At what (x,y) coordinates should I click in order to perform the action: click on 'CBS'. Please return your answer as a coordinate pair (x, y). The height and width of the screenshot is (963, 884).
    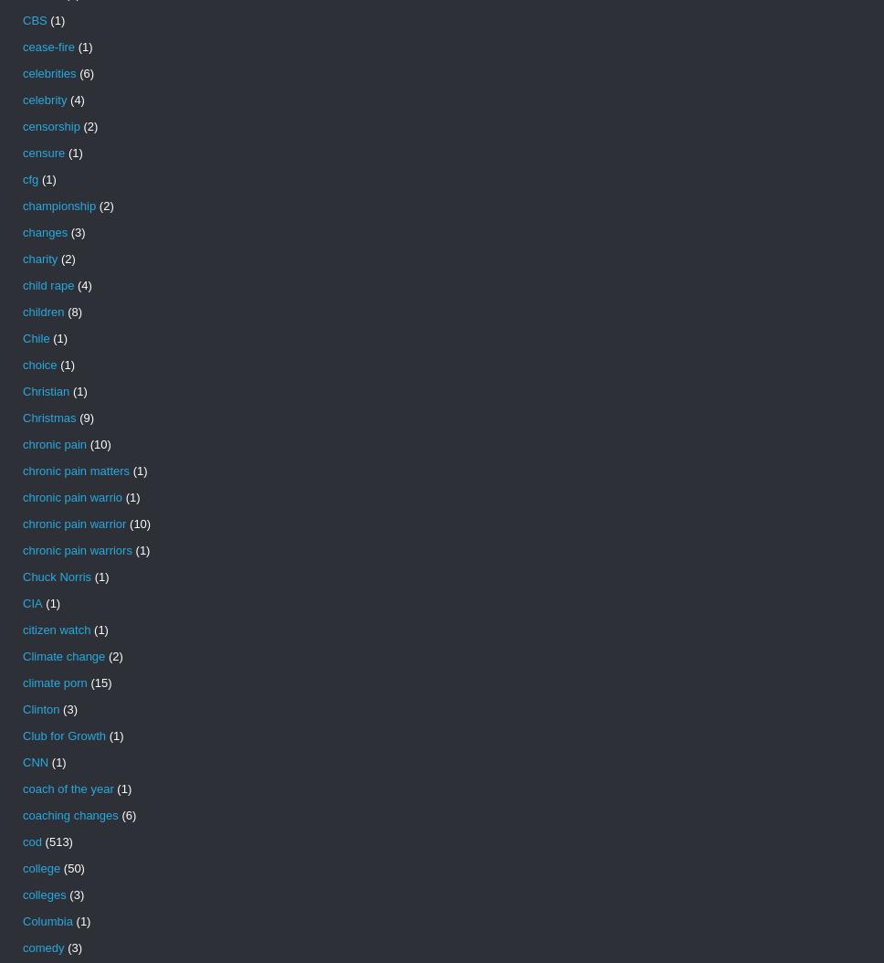
    Looking at the image, I should click on (35, 20).